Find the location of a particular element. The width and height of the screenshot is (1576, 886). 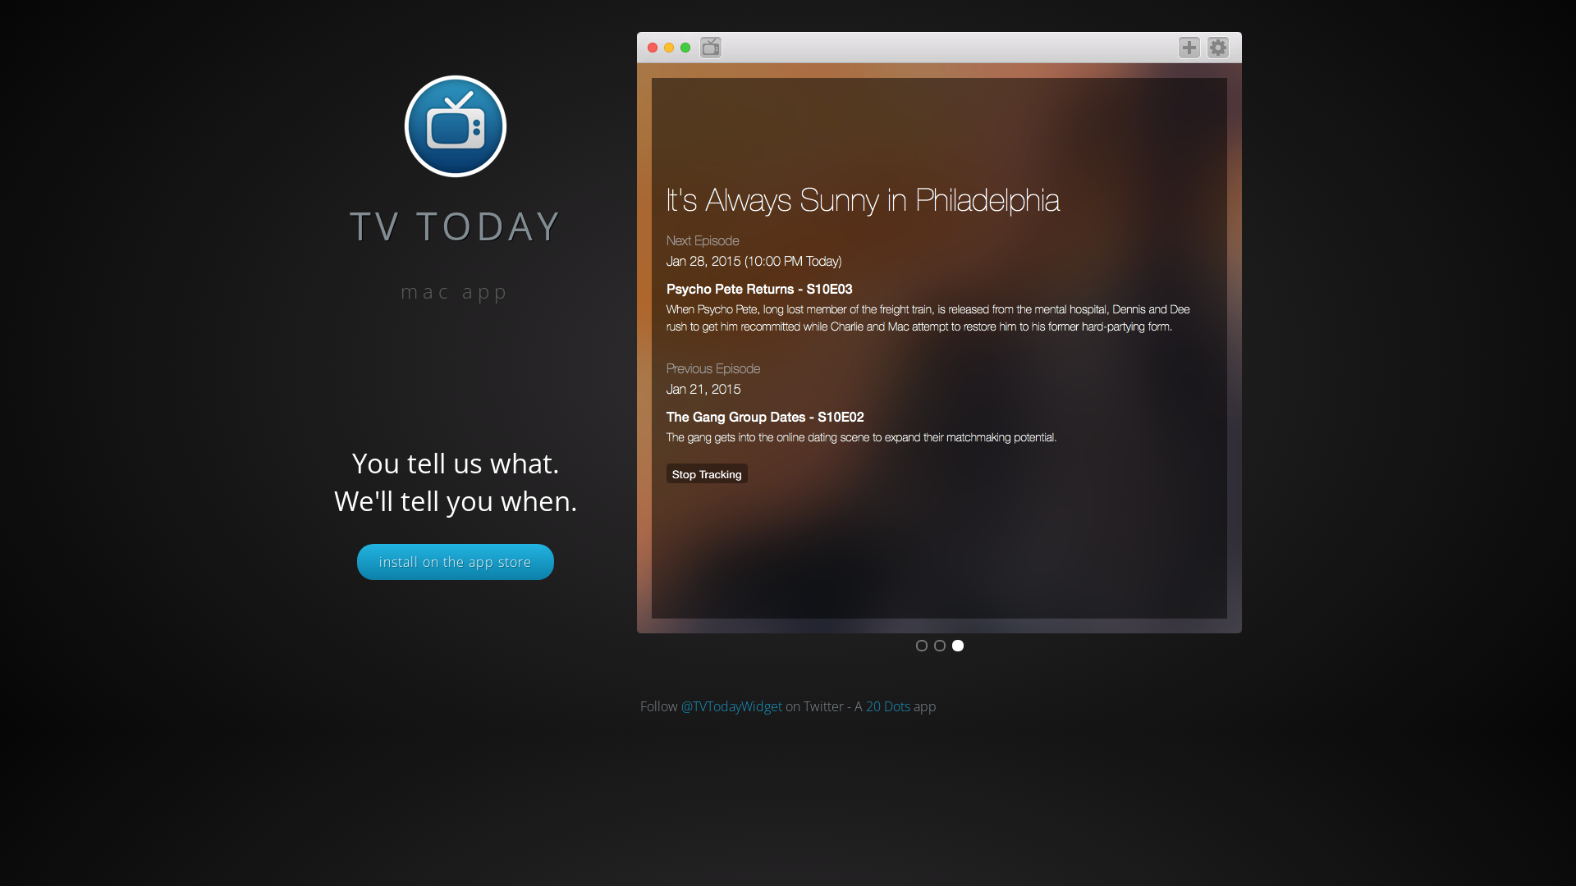

'@TVTodayWidget' is located at coordinates (731, 705).